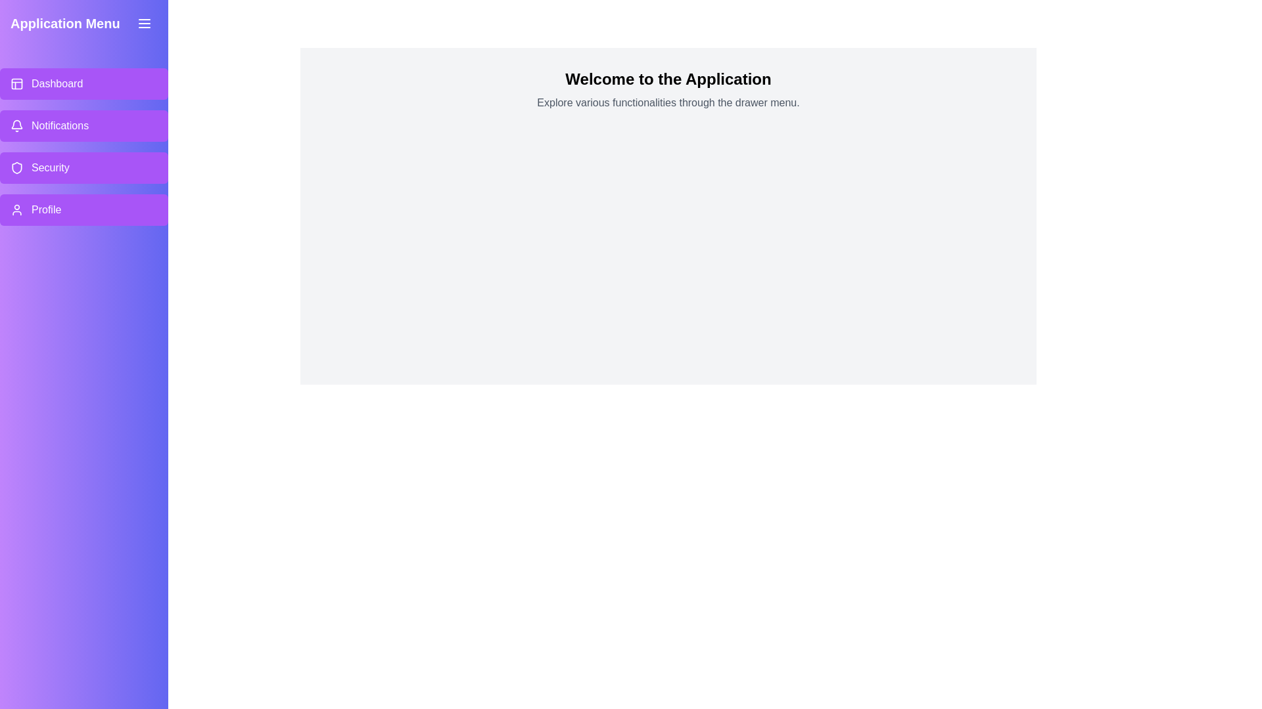 This screenshot has width=1262, height=709. Describe the element at coordinates (83, 209) in the screenshot. I see `the menu item labeled Profile` at that location.